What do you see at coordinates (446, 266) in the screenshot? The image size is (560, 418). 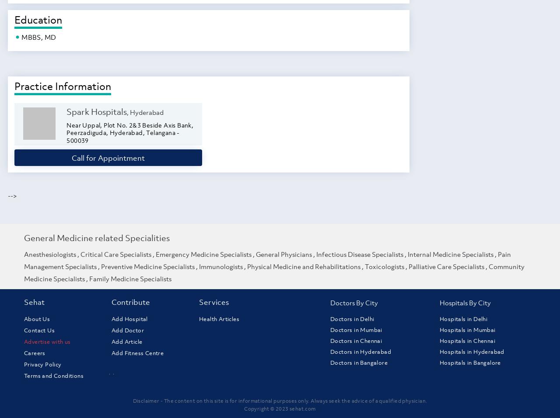 I see `'Palliative Care Specialists'` at bounding box center [446, 266].